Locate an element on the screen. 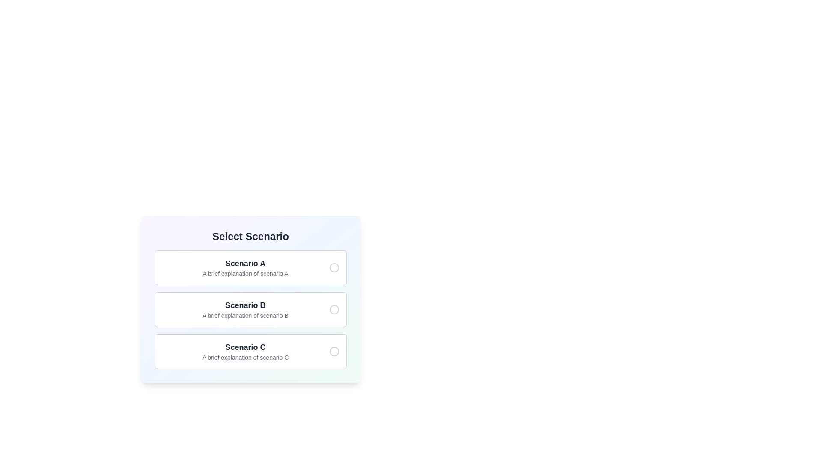  the 'Scenario B' text label, which is styled in bold dark gray and serves as the header for the second option in the 'Select Scenario' list is located at coordinates (245, 305).